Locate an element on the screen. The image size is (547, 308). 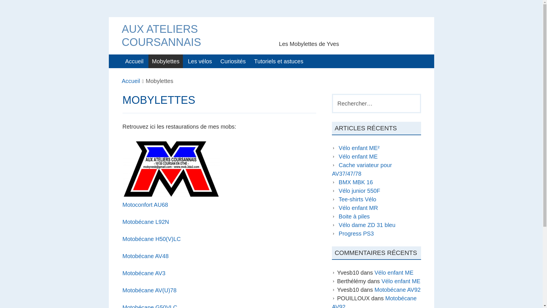
'BMX MBK 16' is located at coordinates (355, 182).